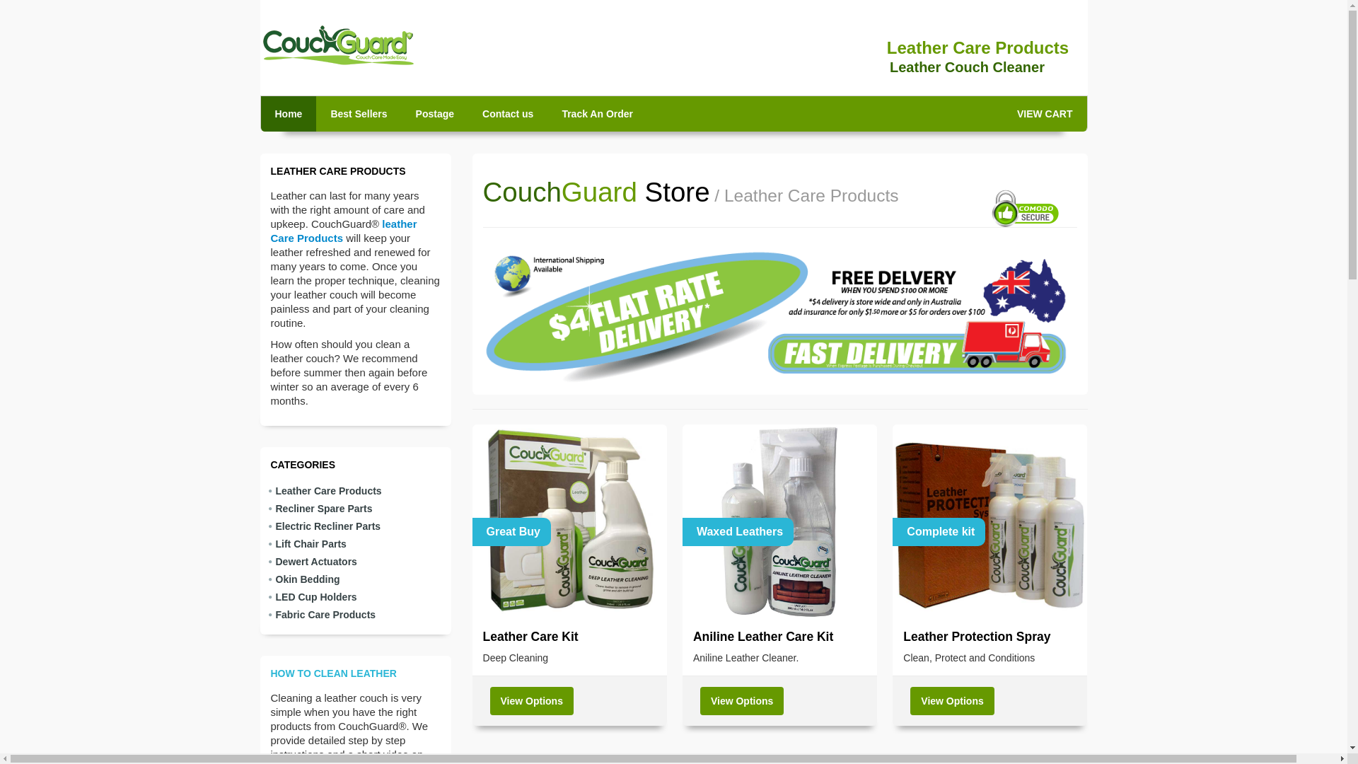  I want to click on 'VIEW CART', so click(1045, 113).